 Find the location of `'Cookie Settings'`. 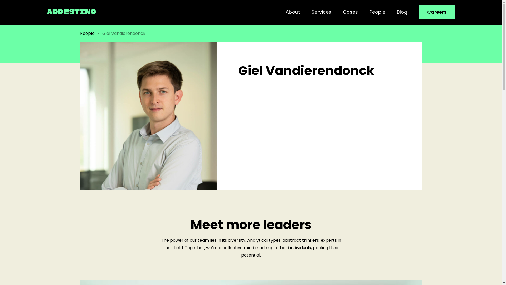

'Cookie Settings' is located at coordinates (453, 275).